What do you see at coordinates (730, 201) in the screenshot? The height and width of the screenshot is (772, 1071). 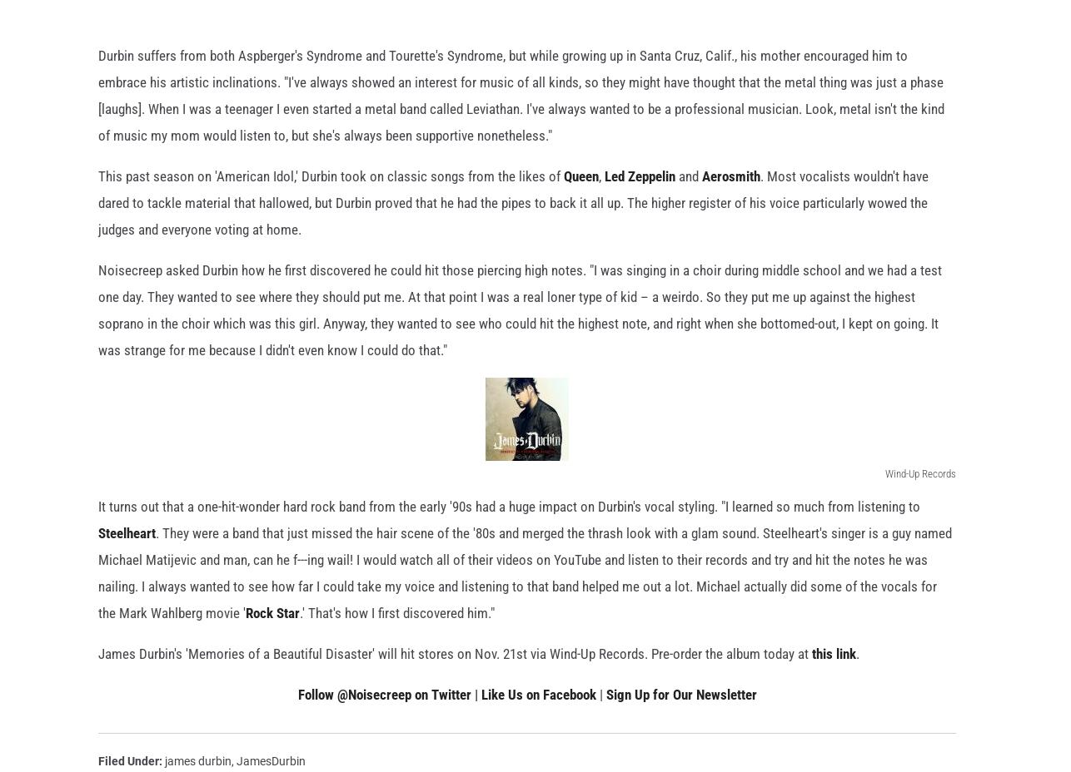 I see `'Aerosmith'` at bounding box center [730, 201].